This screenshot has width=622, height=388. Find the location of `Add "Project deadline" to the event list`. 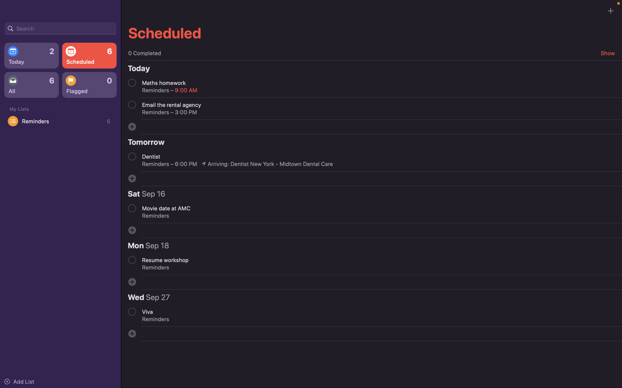

Add "Project deadline" to the event list is located at coordinates (132, 126).